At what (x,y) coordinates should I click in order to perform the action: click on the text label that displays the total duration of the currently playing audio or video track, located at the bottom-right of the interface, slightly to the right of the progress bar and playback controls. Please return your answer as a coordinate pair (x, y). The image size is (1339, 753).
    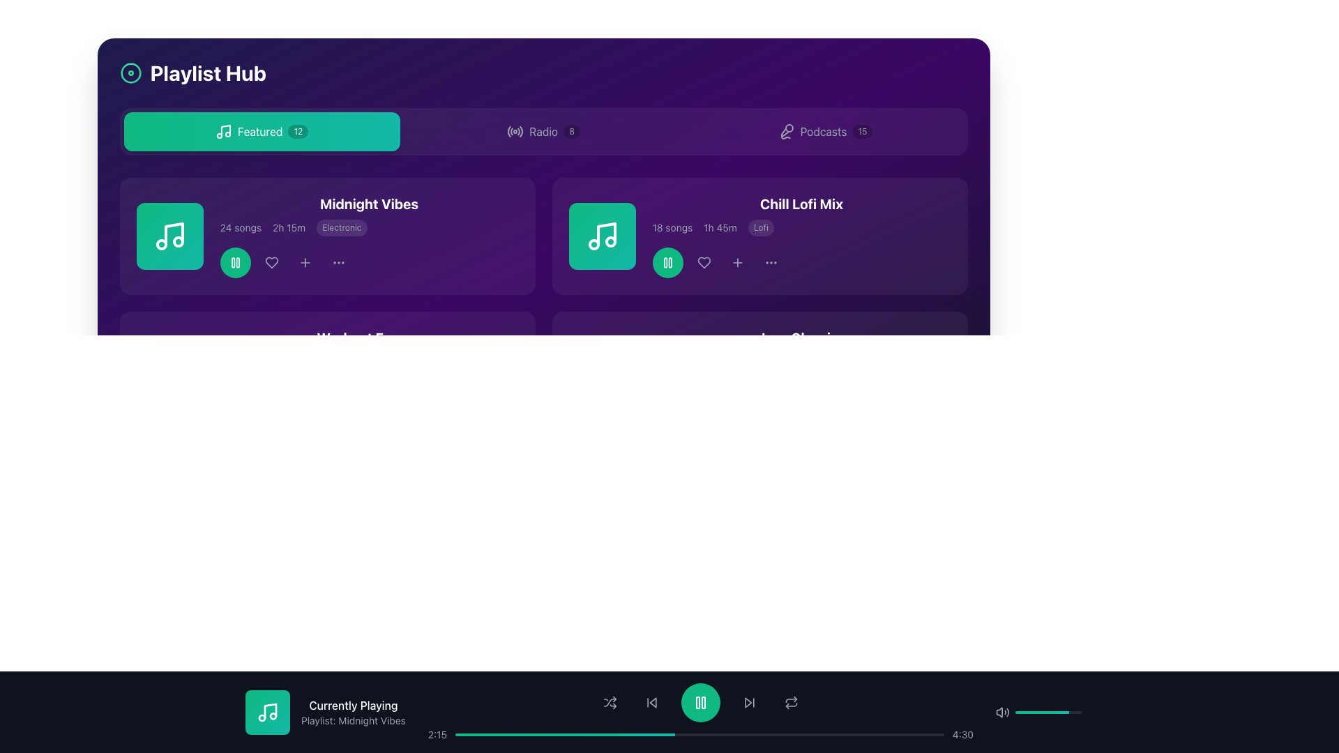
    Looking at the image, I should click on (962, 733).